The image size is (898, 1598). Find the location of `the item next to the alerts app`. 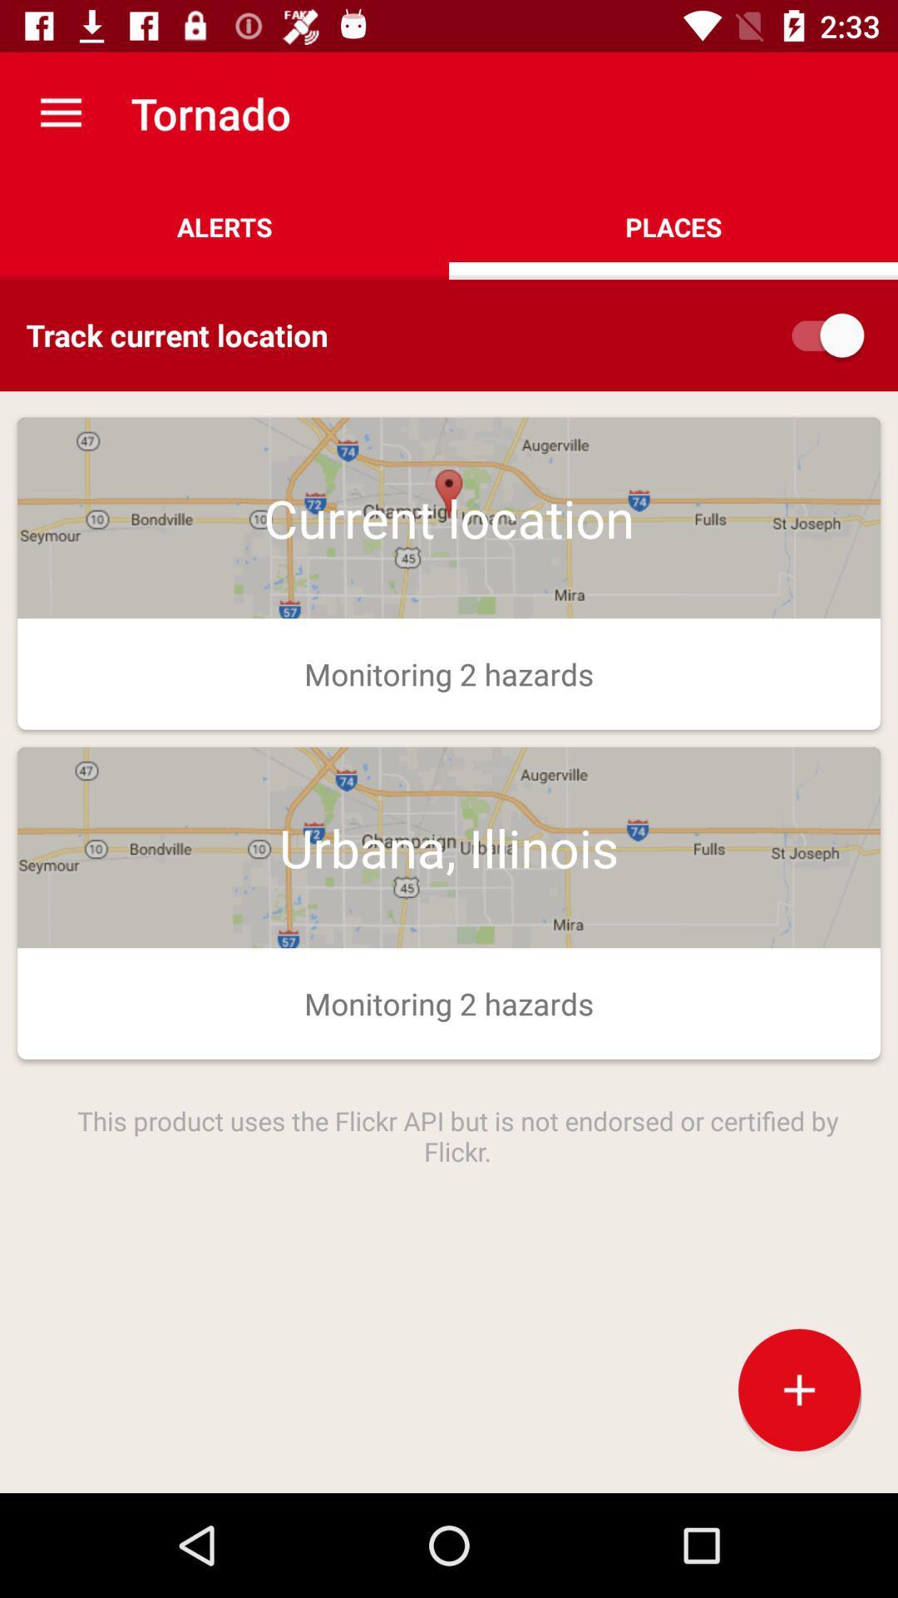

the item next to the alerts app is located at coordinates (673, 226).